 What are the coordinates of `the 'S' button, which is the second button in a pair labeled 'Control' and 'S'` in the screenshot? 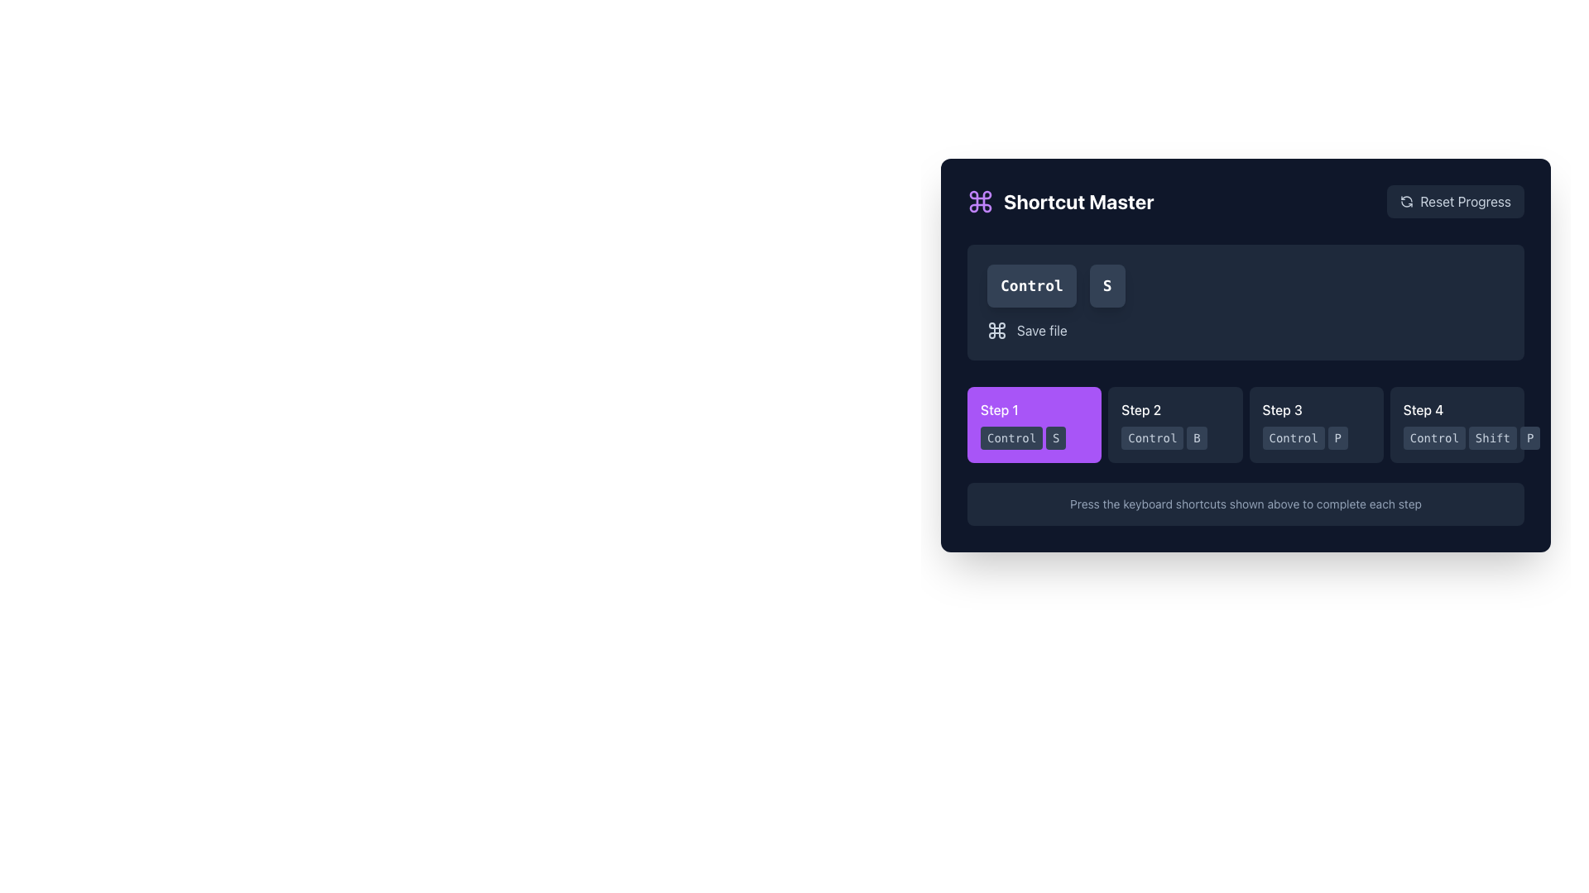 It's located at (1055, 437).